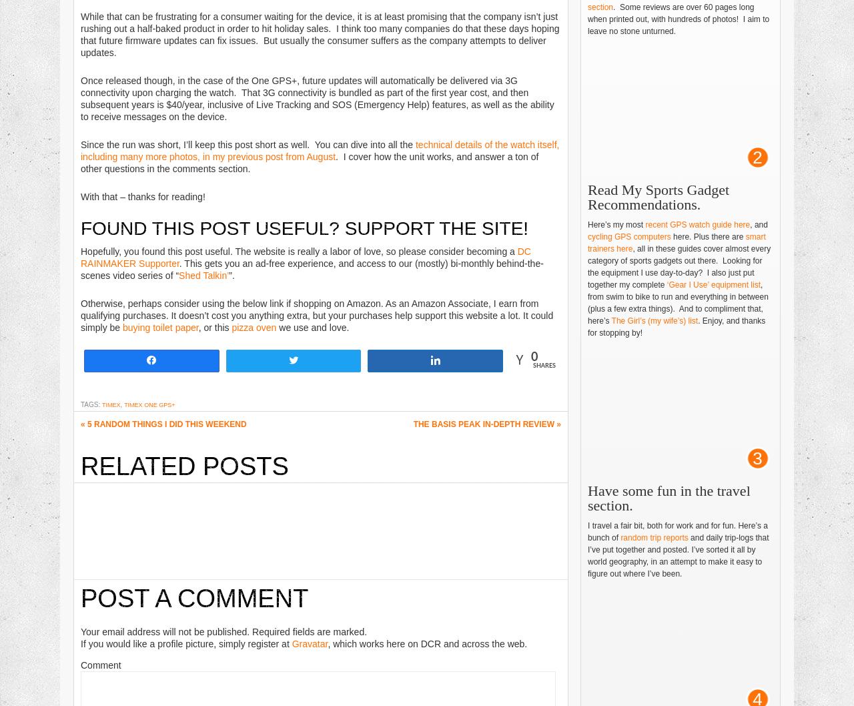  What do you see at coordinates (183, 464) in the screenshot?
I see `'Related Posts'` at bounding box center [183, 464].